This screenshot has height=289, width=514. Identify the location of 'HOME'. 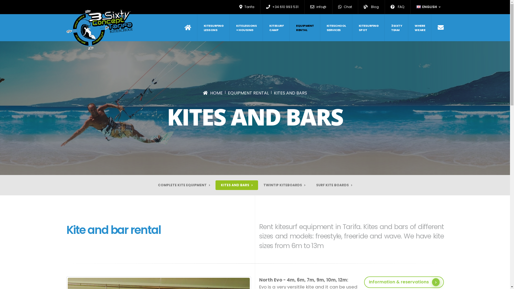
(213, 93).